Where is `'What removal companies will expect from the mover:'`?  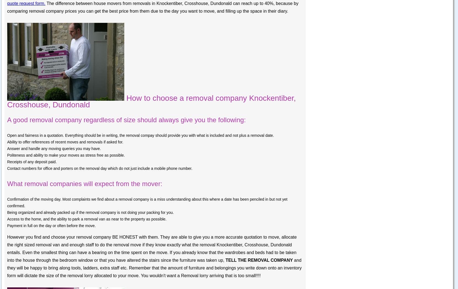
'What removal companies will expect from the mover:' is located at coordinates (84, 183).